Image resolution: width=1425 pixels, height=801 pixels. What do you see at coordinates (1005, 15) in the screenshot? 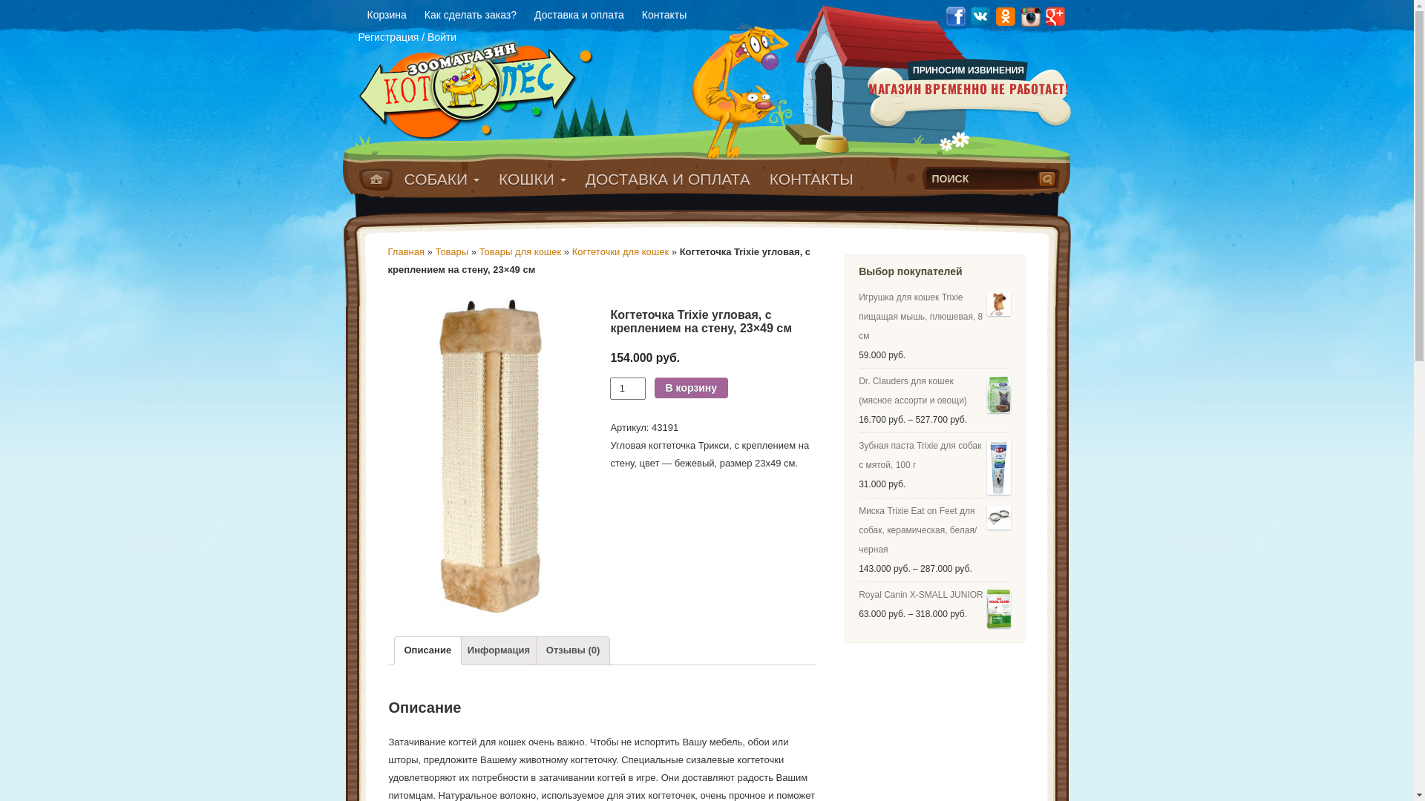
I see `'Odnoklassniki'` at bounding box center [1005, 15].